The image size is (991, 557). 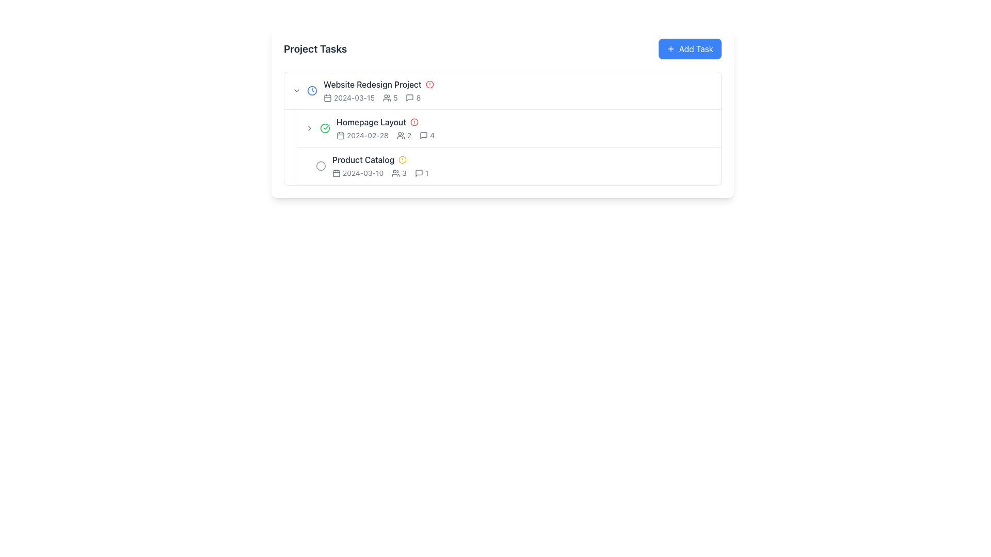 I want to click on the comments icon located to the left of the number '8' in the 'Website Redesign Project' task list, so click(x=409, y=97).